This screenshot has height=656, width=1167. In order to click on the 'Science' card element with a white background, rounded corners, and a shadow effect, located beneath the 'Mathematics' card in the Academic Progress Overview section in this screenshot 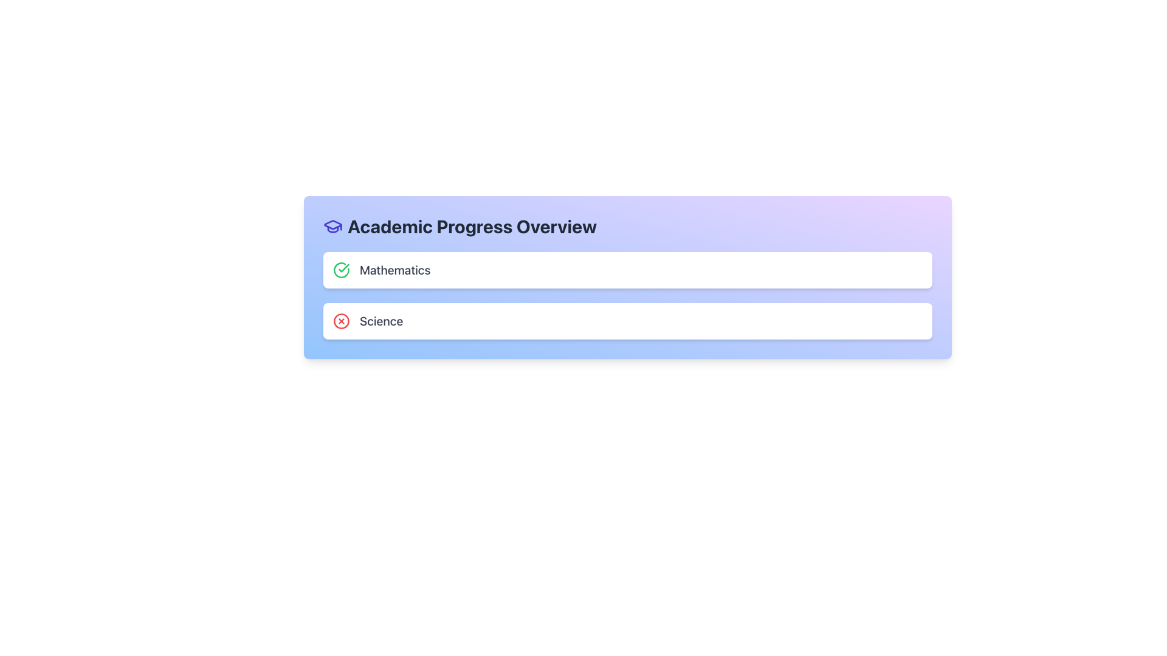, I will do `click(627, 320)`.